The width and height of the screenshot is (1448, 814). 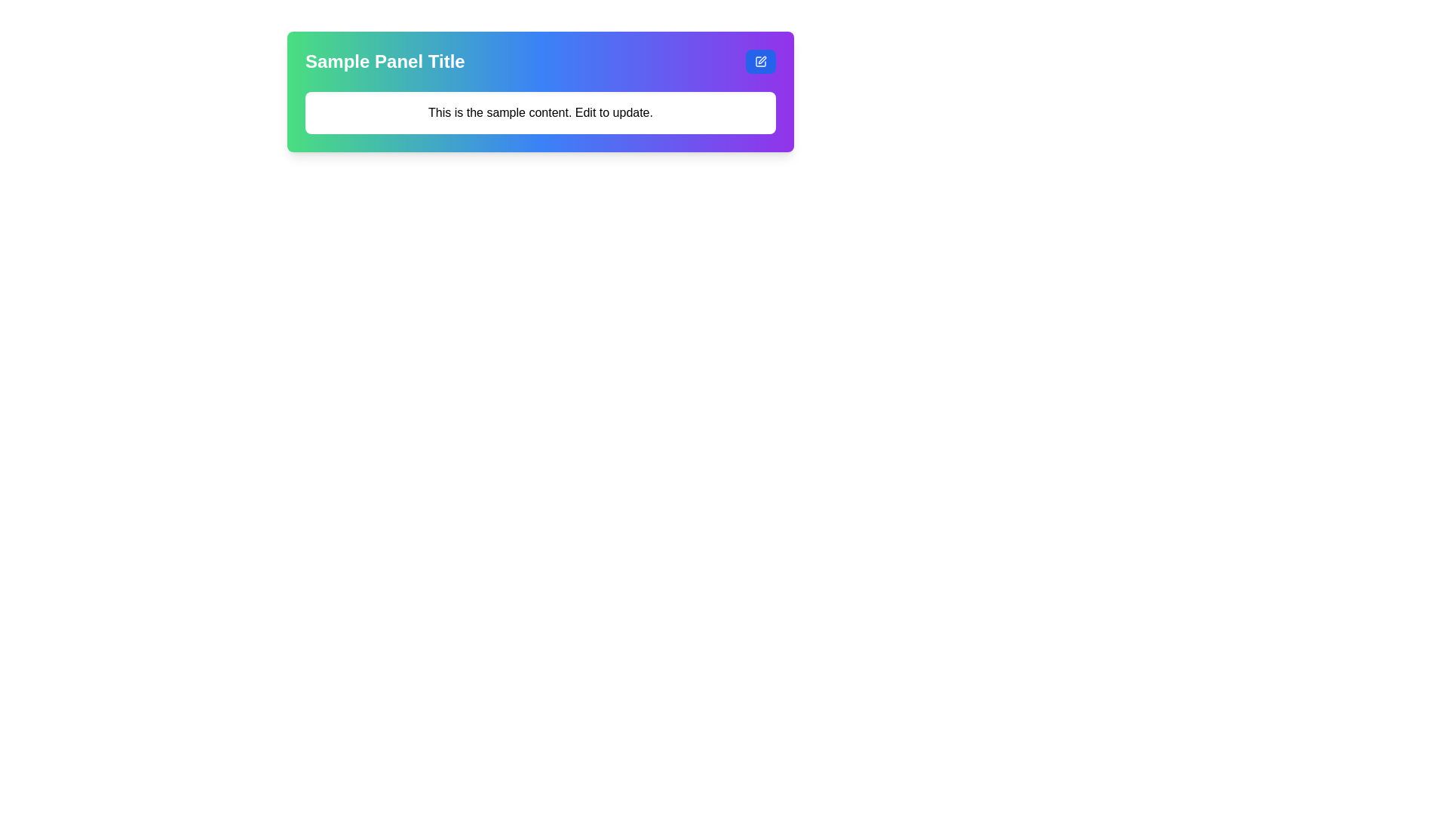 What do you see at coordinates (760, 60) in the screenshot?
I see `the pen icon within the blue button located in the top-right section of the panel` at bounding box center [760, 60].